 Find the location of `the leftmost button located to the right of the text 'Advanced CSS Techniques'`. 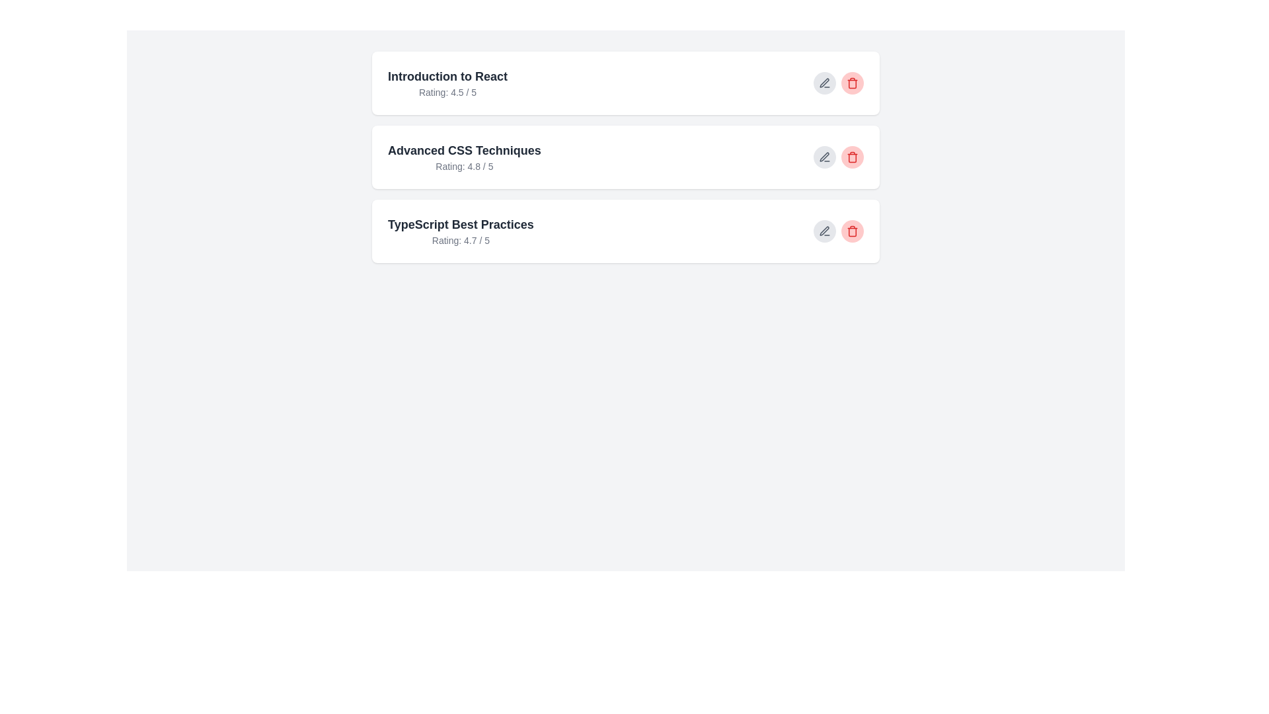

the leftmost button located to the right of the text 'Advanced CSS Techniques' is located at coordinates (824, 157).